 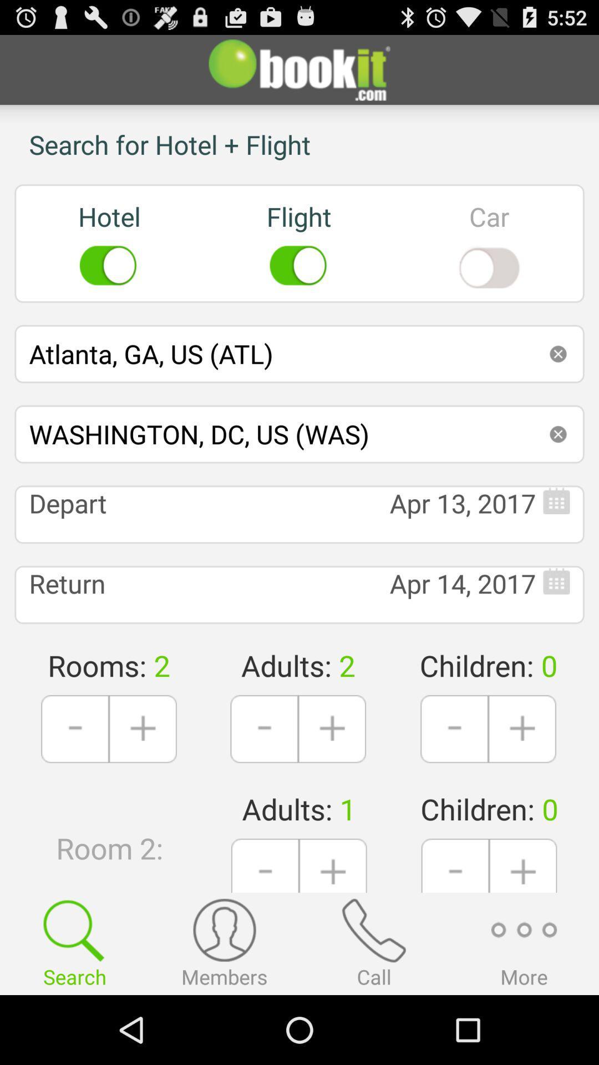 I want to click on the minus icon, so click(x=264, y=779).